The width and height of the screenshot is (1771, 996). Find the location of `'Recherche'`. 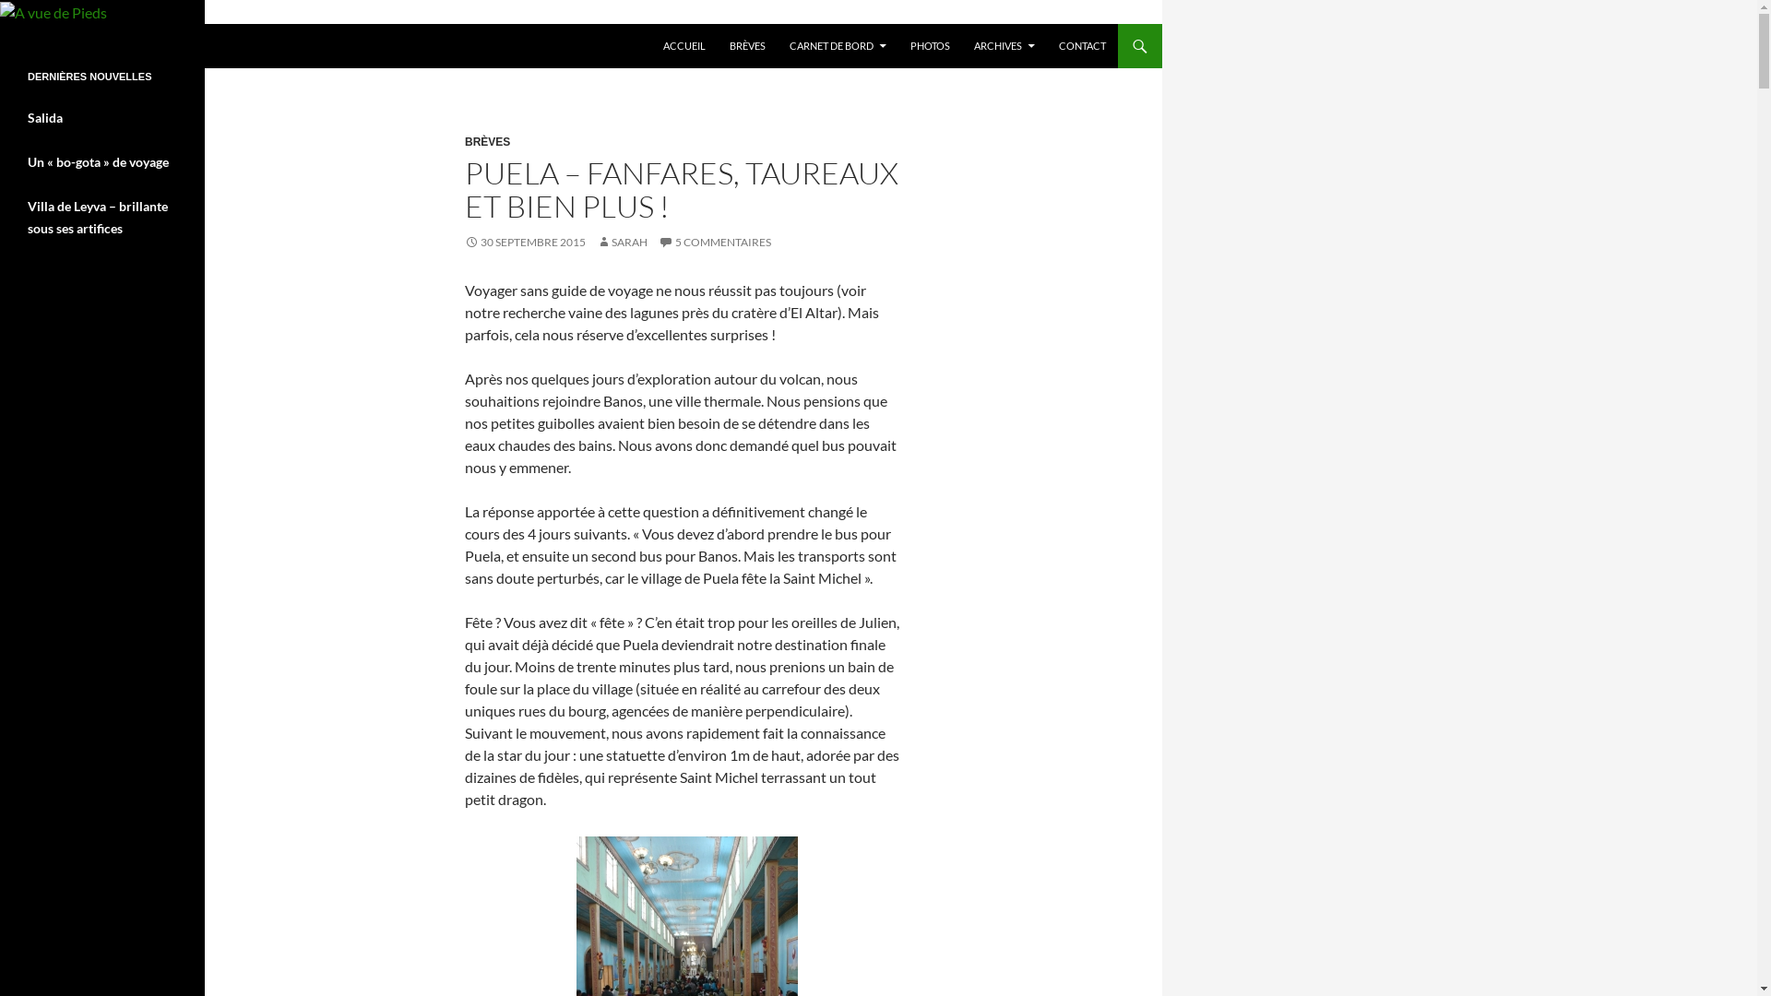

'Recherche' is located at coordinates (4, 24).